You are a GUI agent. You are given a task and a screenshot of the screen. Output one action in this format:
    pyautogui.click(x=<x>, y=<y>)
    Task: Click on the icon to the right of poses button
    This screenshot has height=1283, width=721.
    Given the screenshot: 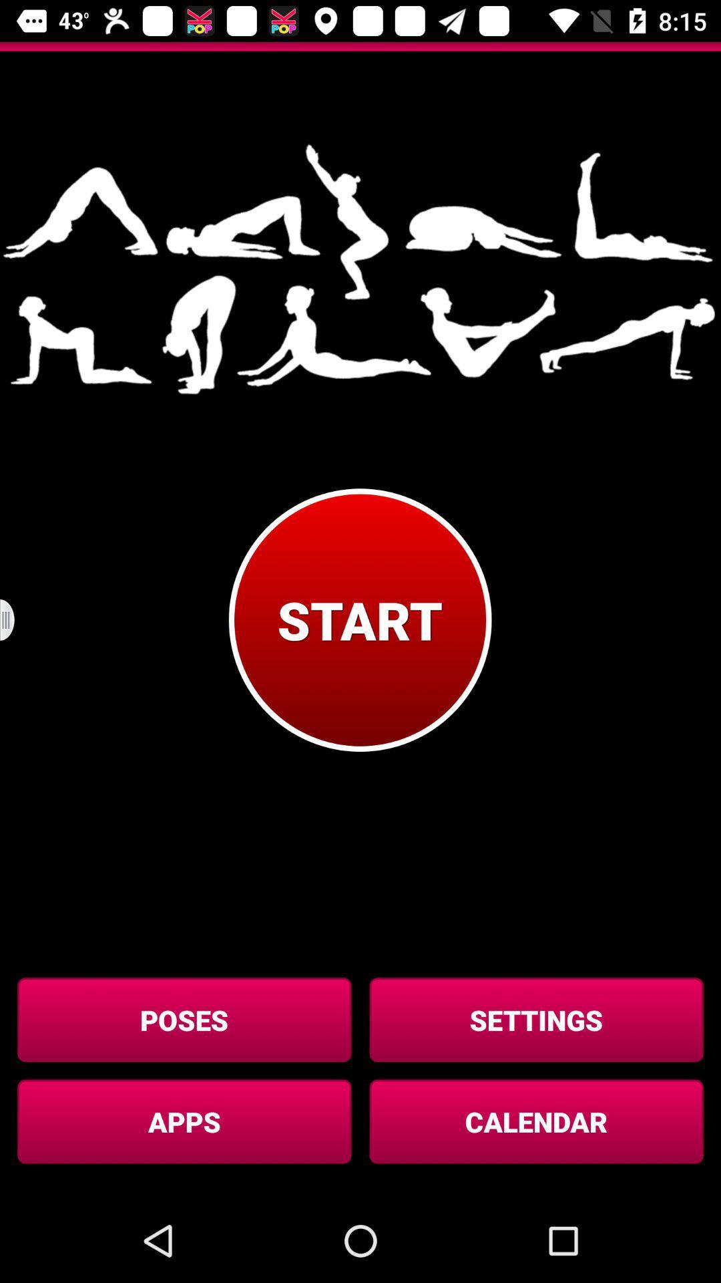 What is the action you would take?
    pyautogui.click(x=535, y=1019)
    